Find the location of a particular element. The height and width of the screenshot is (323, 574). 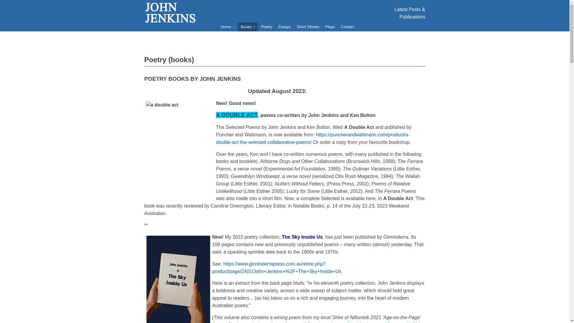

'Essays' is located at coordinates (284, 26).